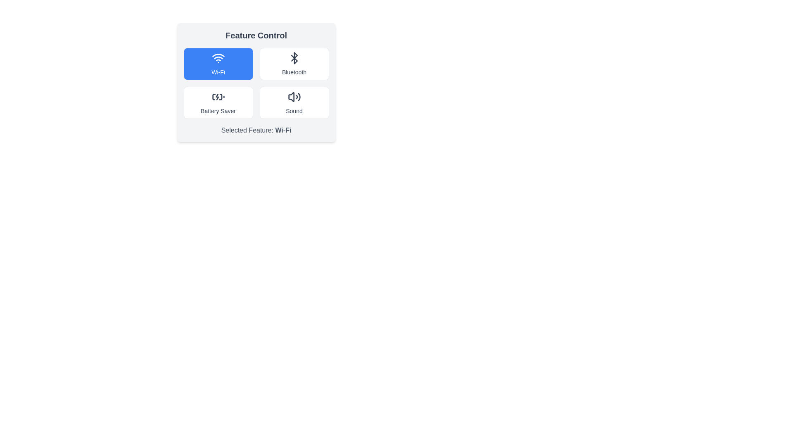  What do you see at coordinates (218, 102) in the screenshot?
I see `the feature Battery Saver by clicking on its corresponding button` at bounding box center [218, 102].